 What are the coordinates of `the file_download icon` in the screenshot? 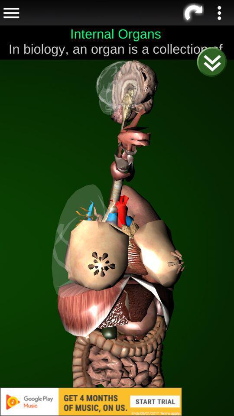 It's located at (192, 21).